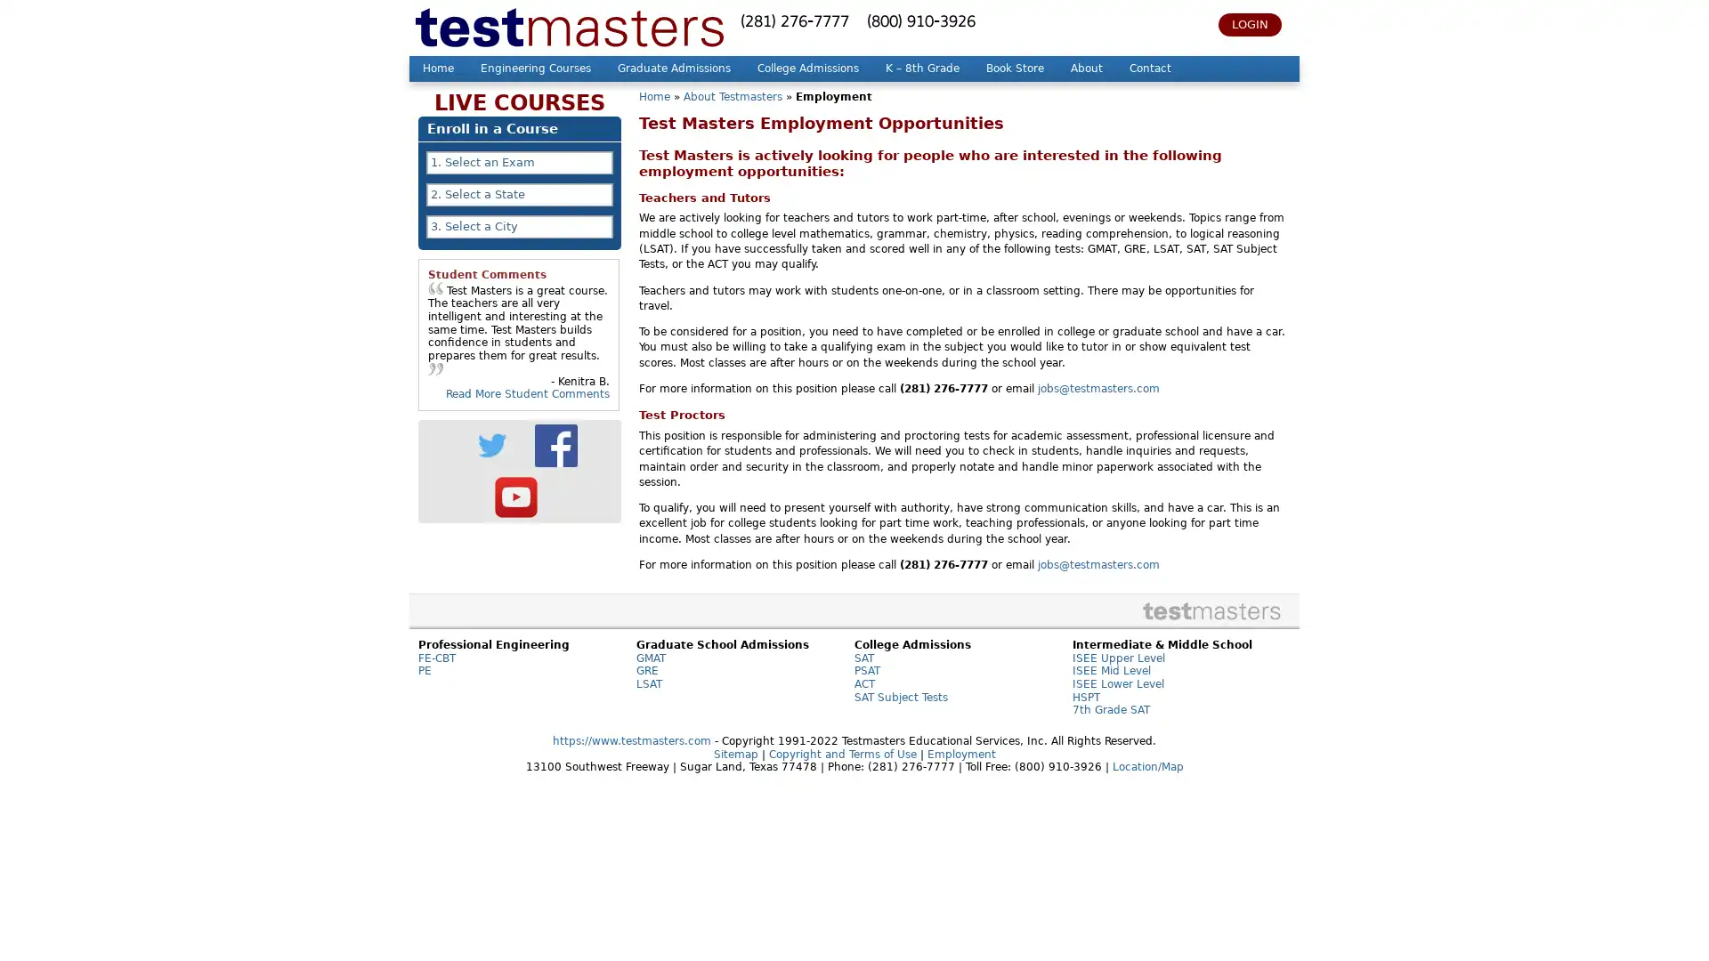 The height and width of the screenshot is (961, 1709). What do you see at coordinates (519, 162) in the screenshot?
I see `1. Select an Exam` at bounding box center [519, 162].